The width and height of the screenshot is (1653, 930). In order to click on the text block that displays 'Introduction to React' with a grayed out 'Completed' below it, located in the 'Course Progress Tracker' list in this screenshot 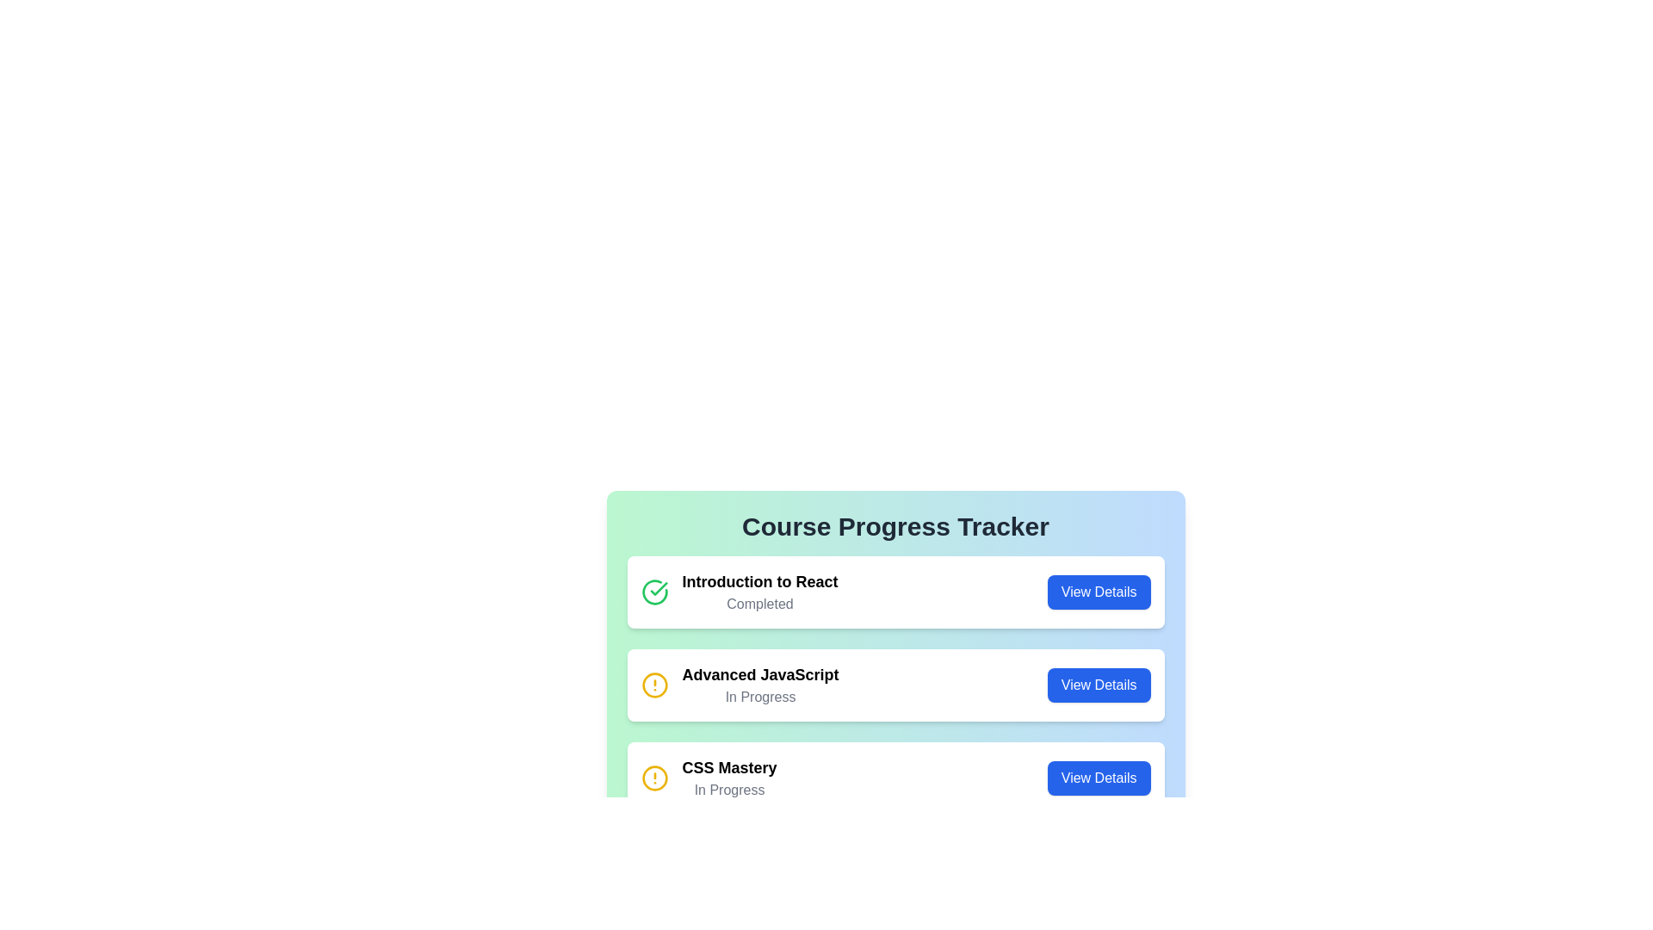, I will do `click(759, 591)`.